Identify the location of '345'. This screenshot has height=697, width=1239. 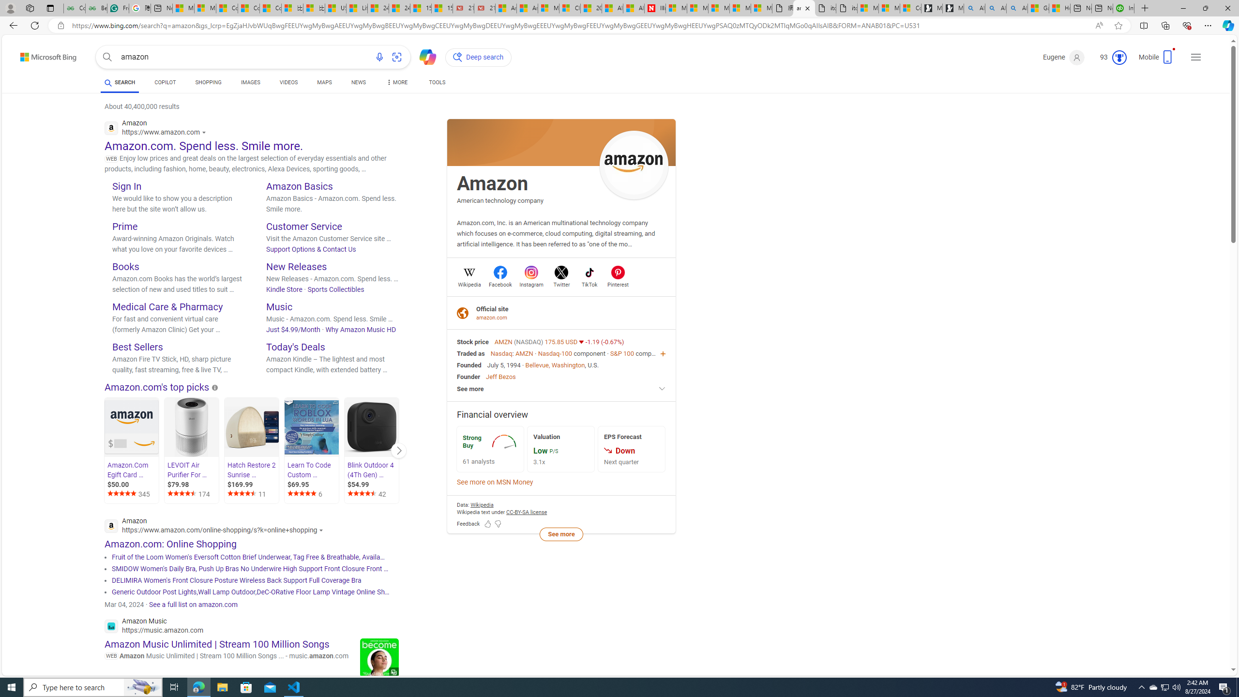
(132, 494).